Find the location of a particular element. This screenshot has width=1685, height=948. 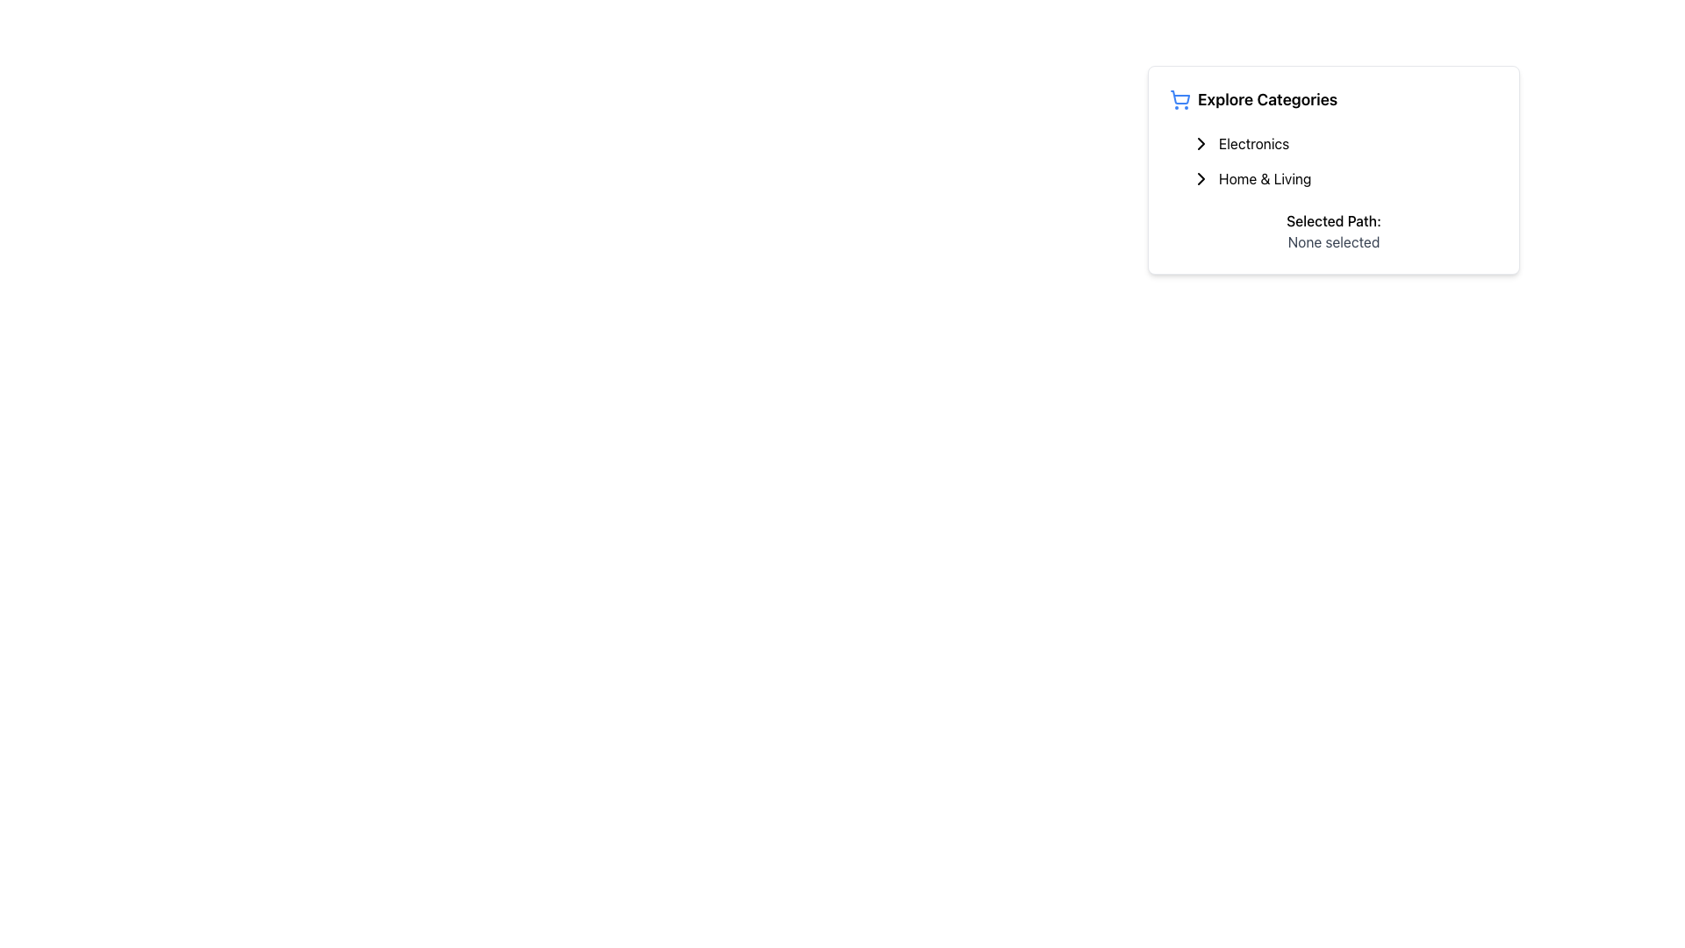

the text label 'Home & Living' in the list under 'Explore Categories' is located at coordinates (1265, 179).